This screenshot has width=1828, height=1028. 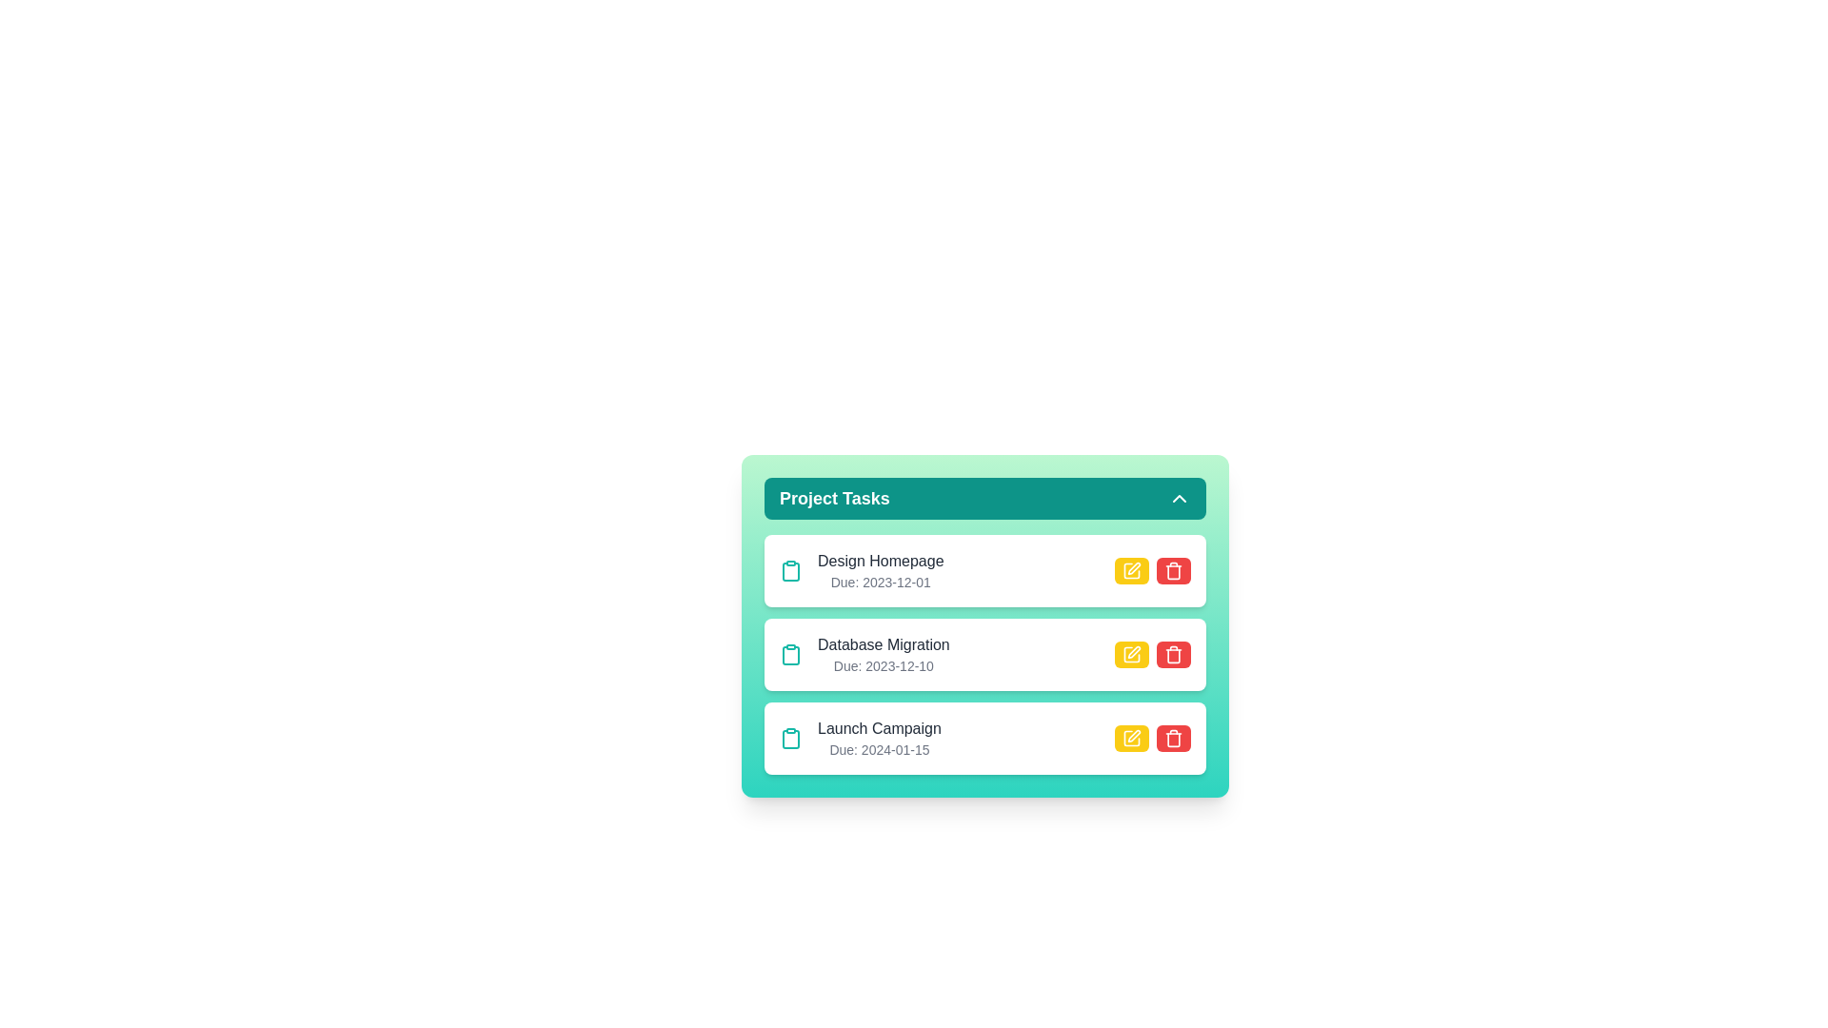 I want to click on the edit button for the task titled 'Design Homepage', so click(x=1132, y=570).